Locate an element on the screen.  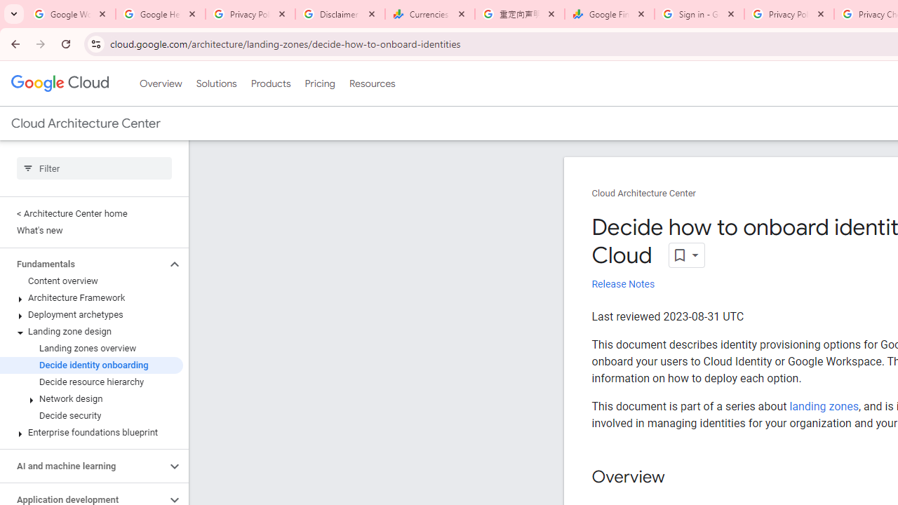
'Sign in - Google Accounts' is located at coordinates (699, 14).